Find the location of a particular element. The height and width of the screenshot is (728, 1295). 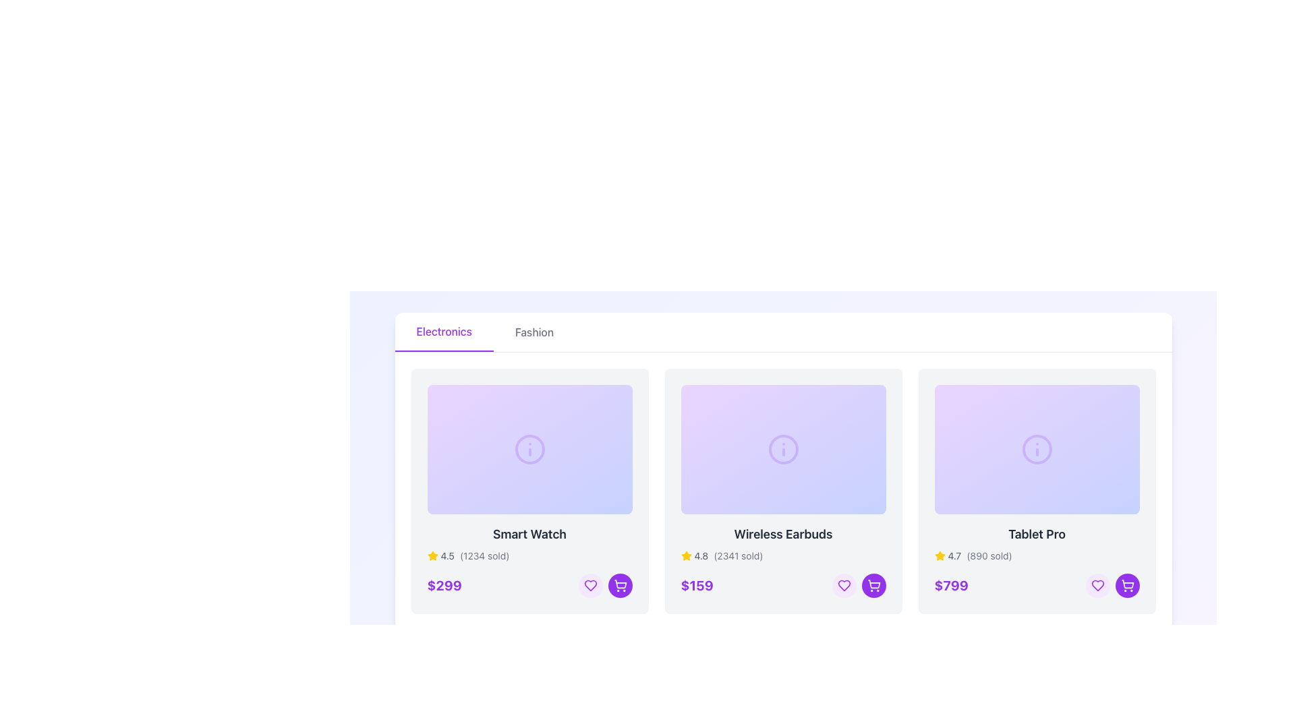

the star icon with a yellow fill that indicates the product rating, located to the left of the rating text '4.5' and sales text '(1234 sold)', part of the product information box for the first product in the row is located at coordinates (432, 556).